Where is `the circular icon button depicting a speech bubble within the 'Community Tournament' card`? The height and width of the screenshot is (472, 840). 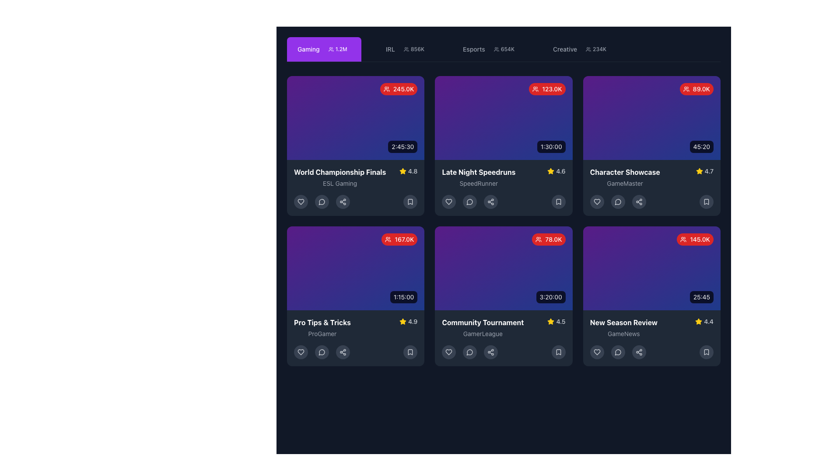
the circular icon button depicting a speech bubble within the 'Community Tournament' card is located at coordinates (469, 352).